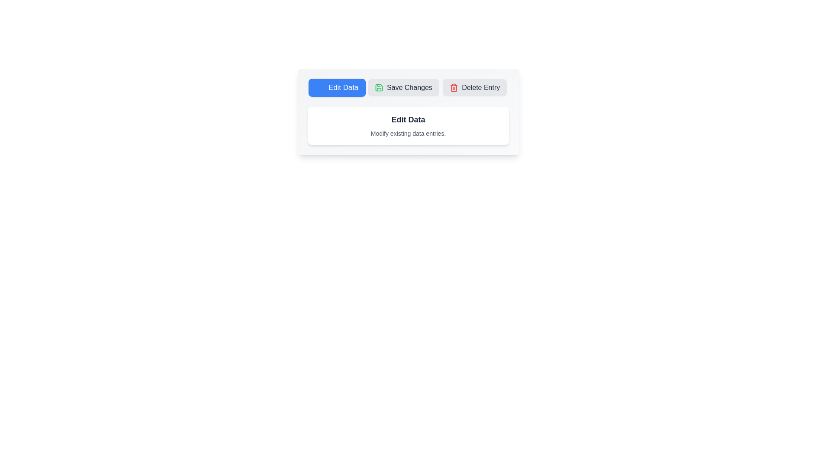  What do you see at coordinates (403, 88) in the screenshot?
I see `the 'Save Changes' tab` at bounding box center [403, 88].